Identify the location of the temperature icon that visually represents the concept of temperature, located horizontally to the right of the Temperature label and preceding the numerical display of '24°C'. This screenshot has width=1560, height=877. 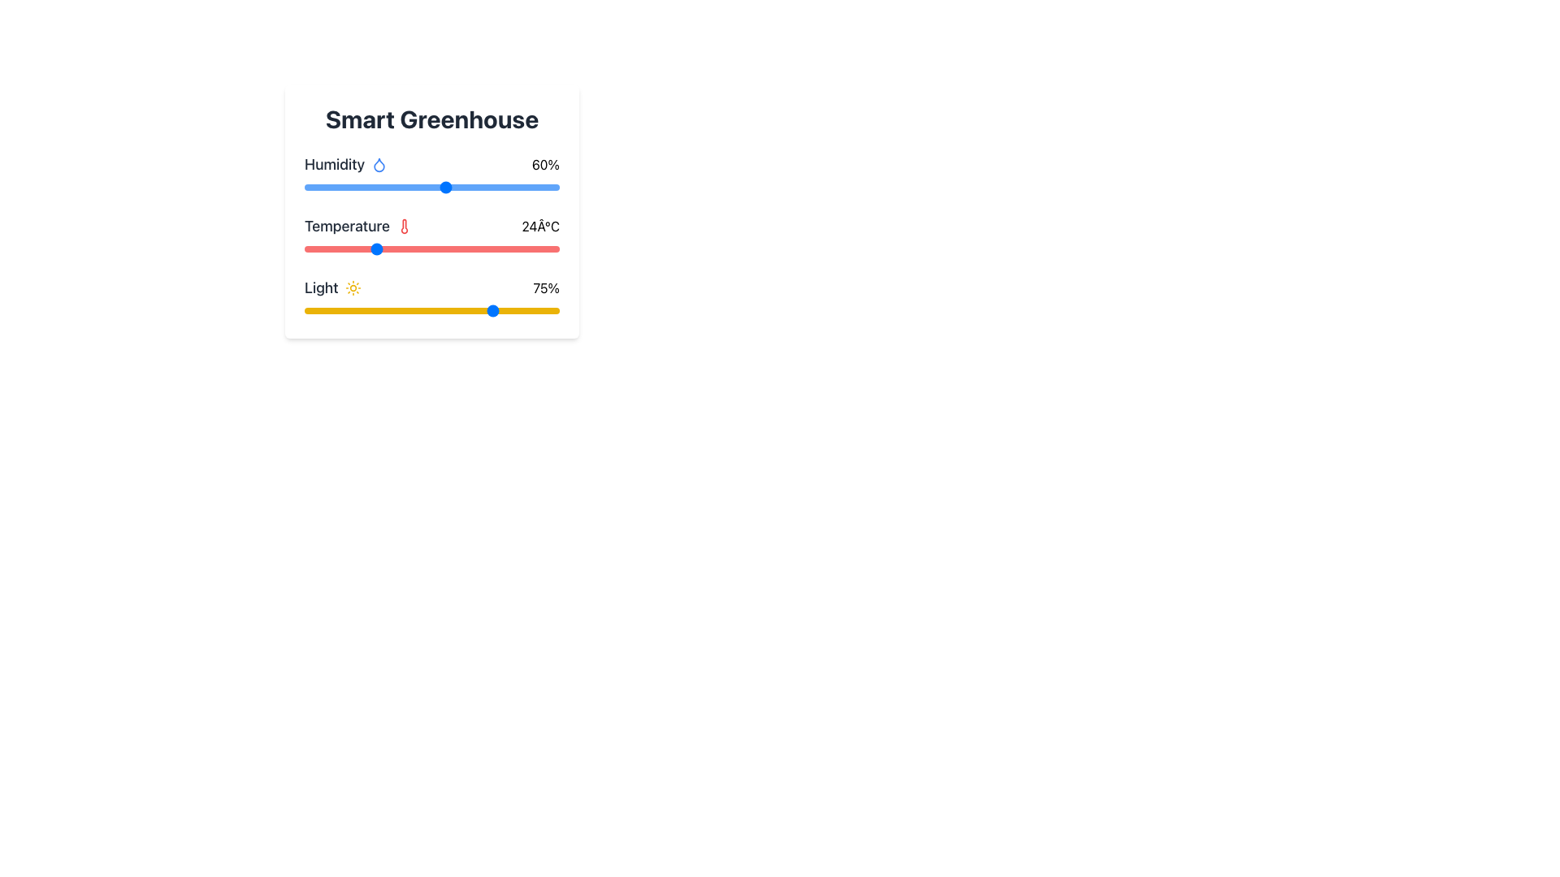
(404, 226).